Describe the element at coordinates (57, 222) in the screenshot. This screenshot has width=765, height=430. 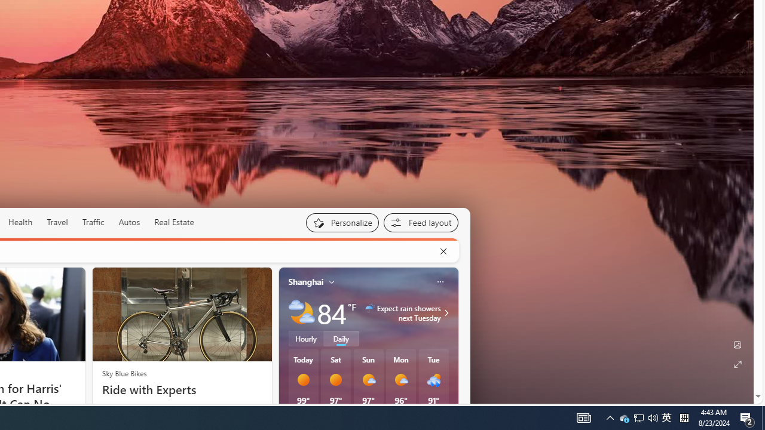
I see `'Travel'` at that location.